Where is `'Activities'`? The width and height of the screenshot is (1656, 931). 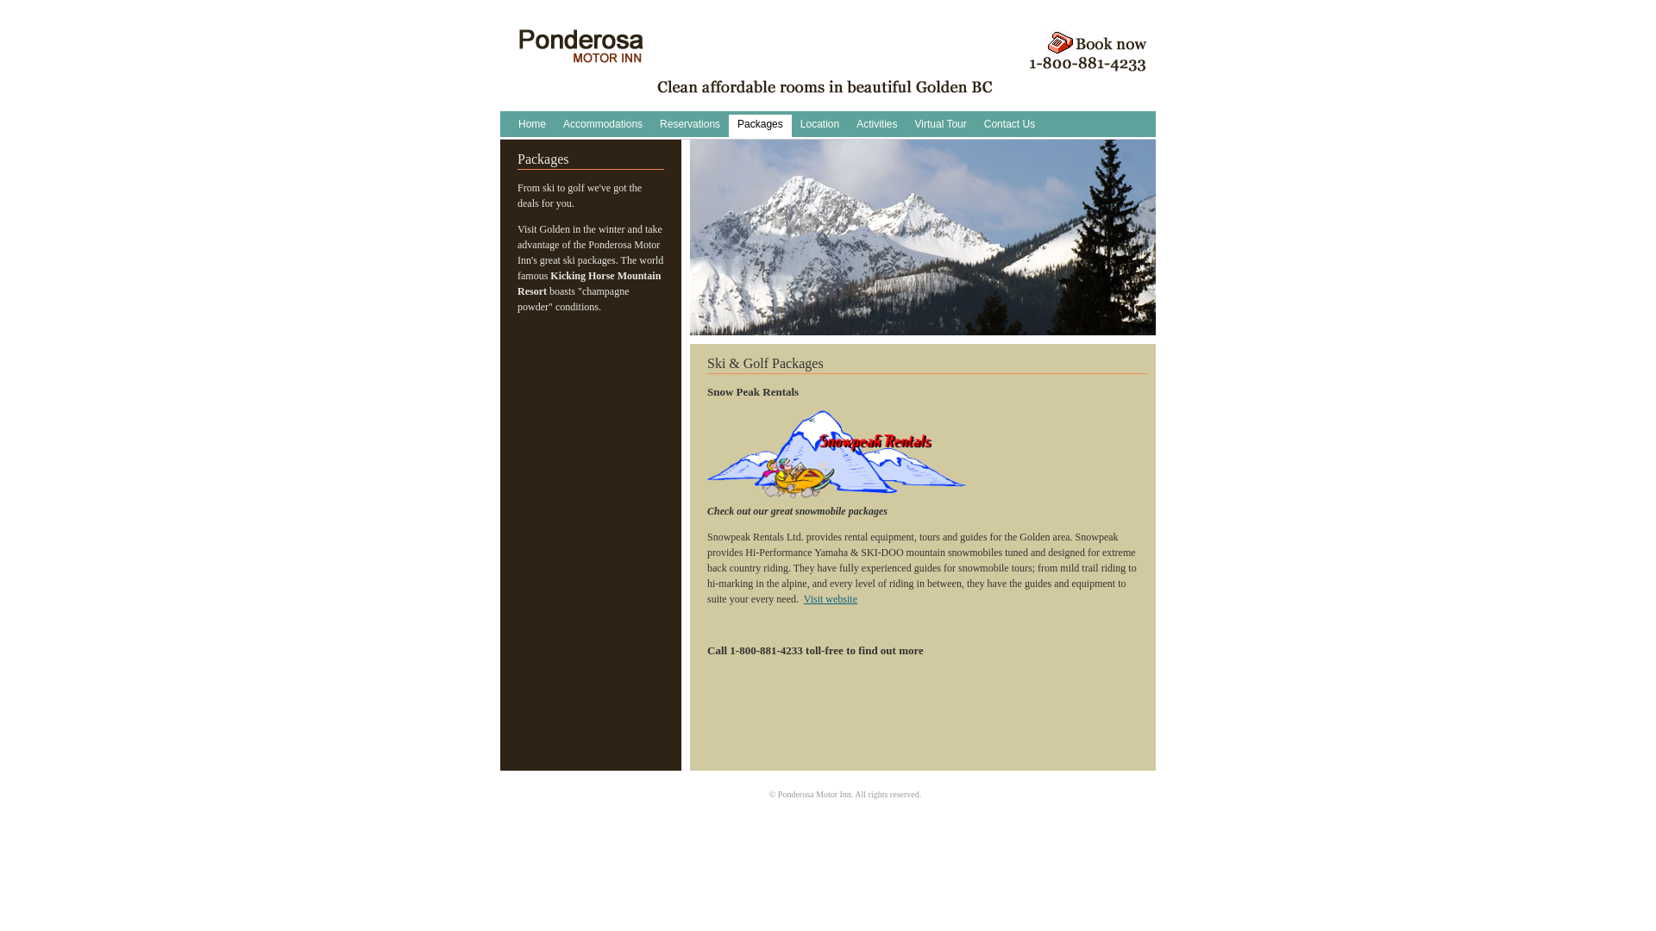
'Activities' is located at coordinates (876, 125).